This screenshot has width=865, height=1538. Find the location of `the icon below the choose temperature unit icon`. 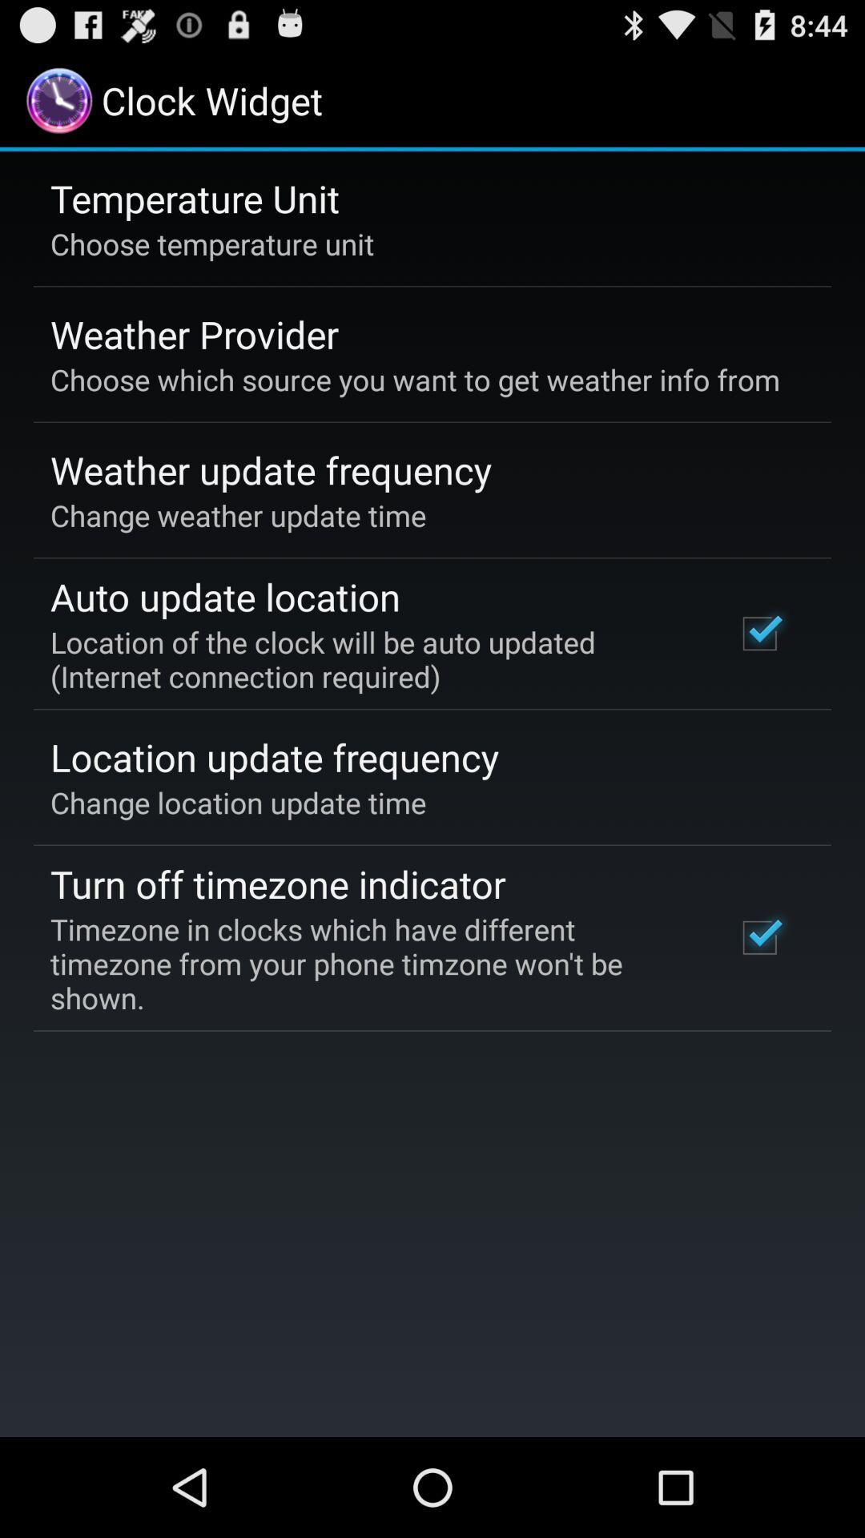

the icon below the choose temperature unit icon is located at coordinates (194, 333).